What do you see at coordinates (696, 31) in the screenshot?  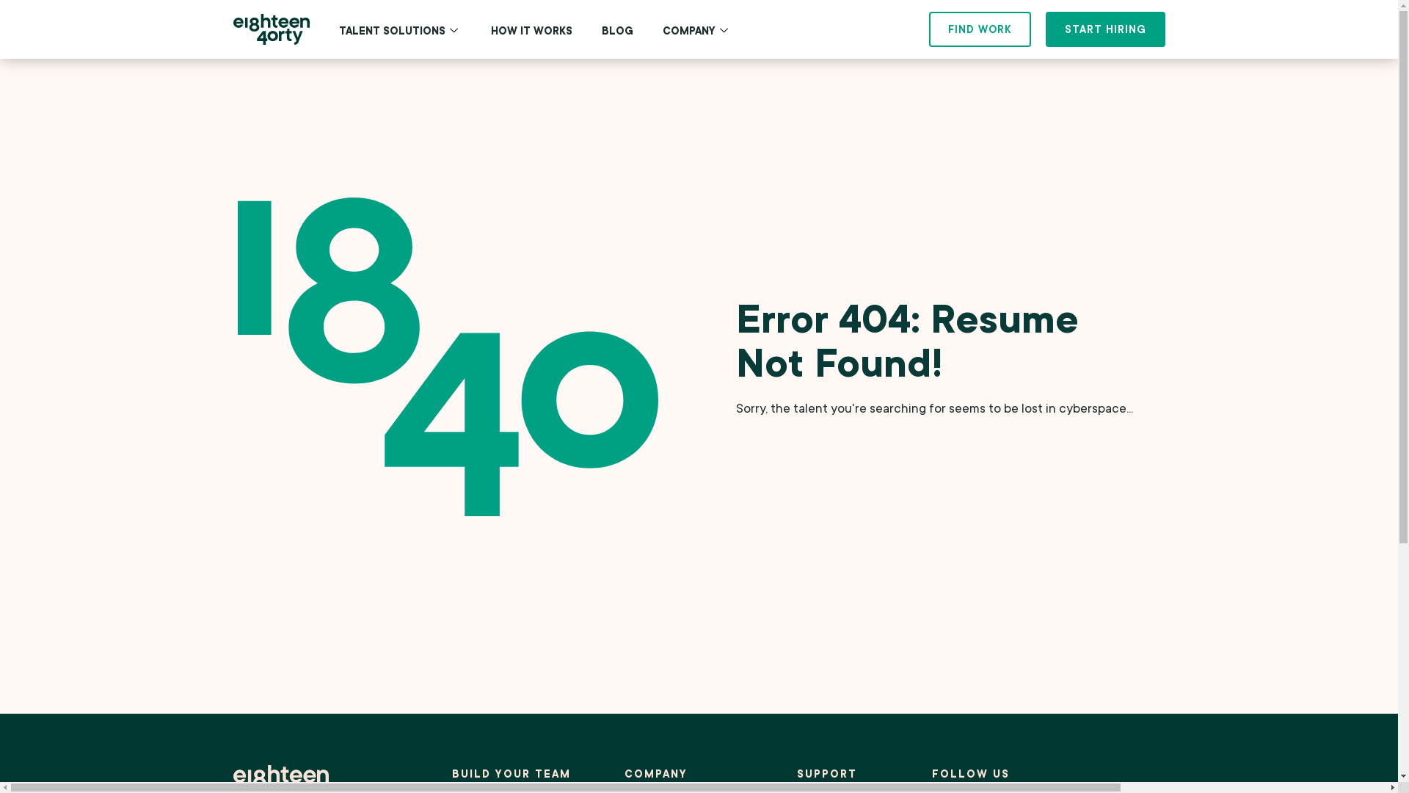 I see `'COMPANY'` at bounding box center [696, 31].